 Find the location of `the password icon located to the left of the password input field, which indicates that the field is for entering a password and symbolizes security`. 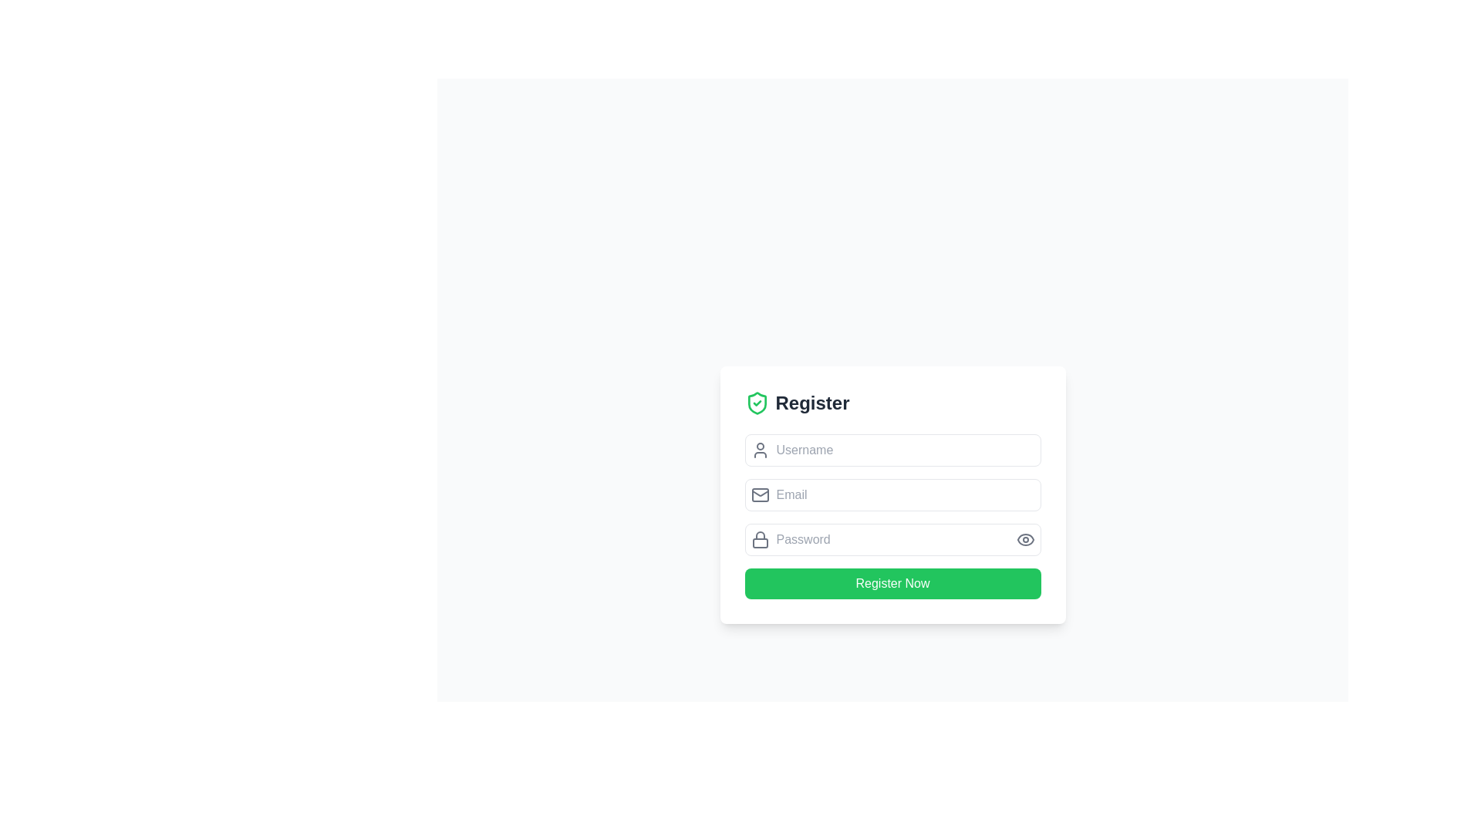

the password icon located to the left of the password input field, which indicates that the field is for entering a password and symbolizes security is located at coordinates (760, 538).